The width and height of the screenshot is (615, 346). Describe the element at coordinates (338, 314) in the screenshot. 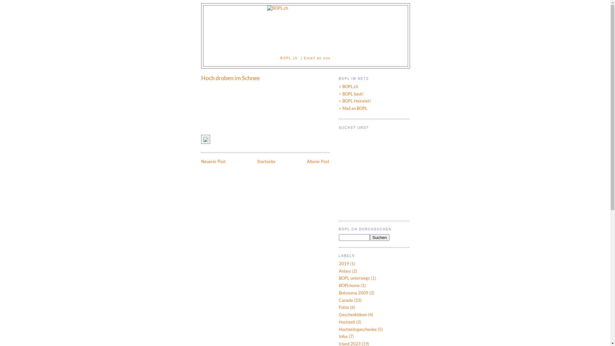

I see `'Geschenkideen'` at that location.